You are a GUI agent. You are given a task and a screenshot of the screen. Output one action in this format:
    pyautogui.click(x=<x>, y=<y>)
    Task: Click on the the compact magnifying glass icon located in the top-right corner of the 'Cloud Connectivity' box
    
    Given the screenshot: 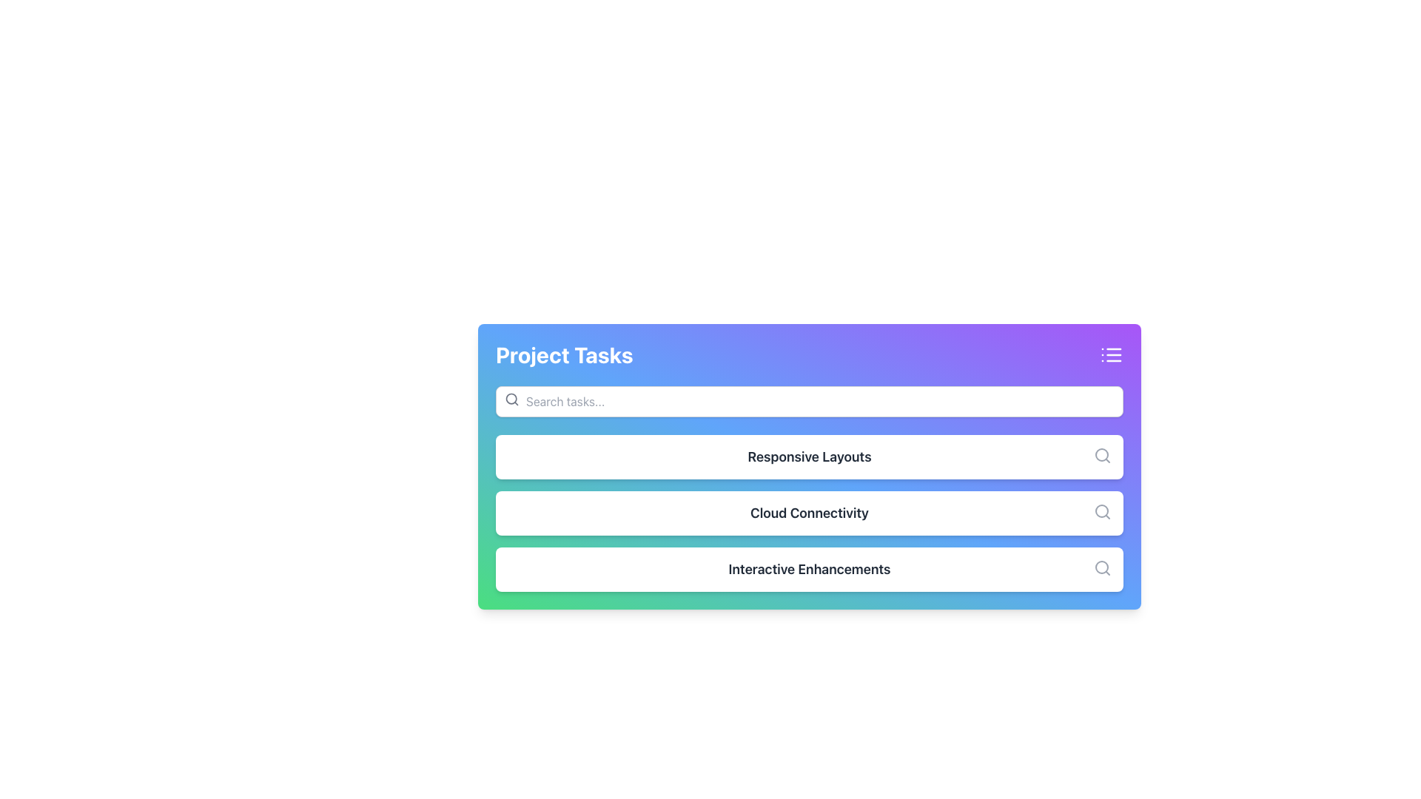 What is the action you would take?
    pyautogui.click(x=1102, y=510)
    